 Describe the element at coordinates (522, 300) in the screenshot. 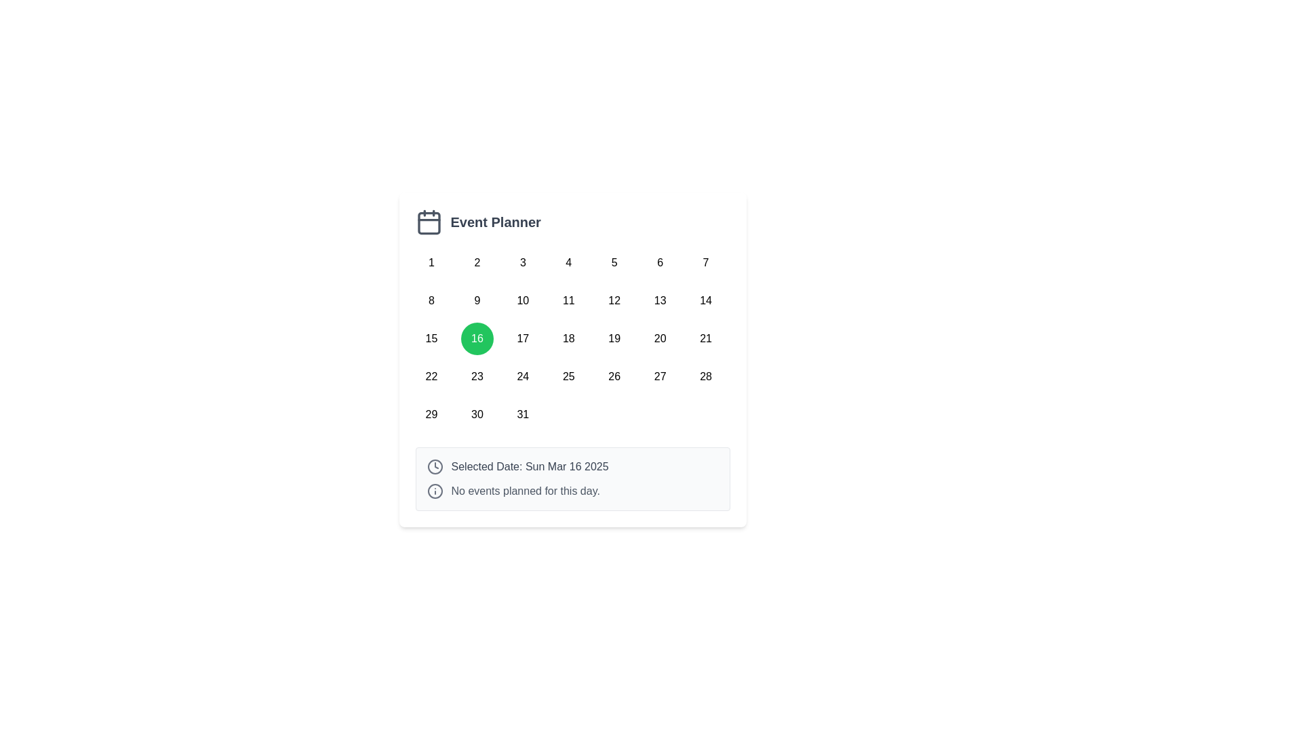

I see `the circular button displaying the number '10', which has a white background and black text` at that location.